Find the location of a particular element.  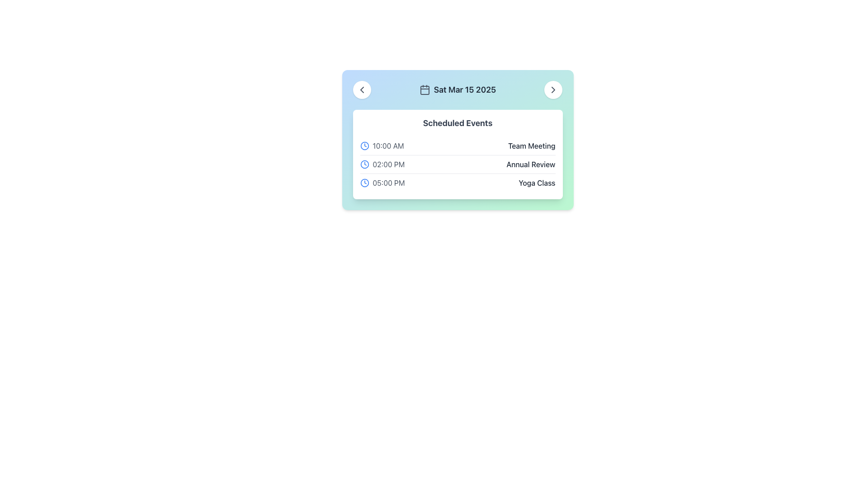

the text label displaying 'Team Meeting' which is styled in dark gray and located in the first row of the event schedule next to '10:00 AM' is located at coordinates (532, 145).